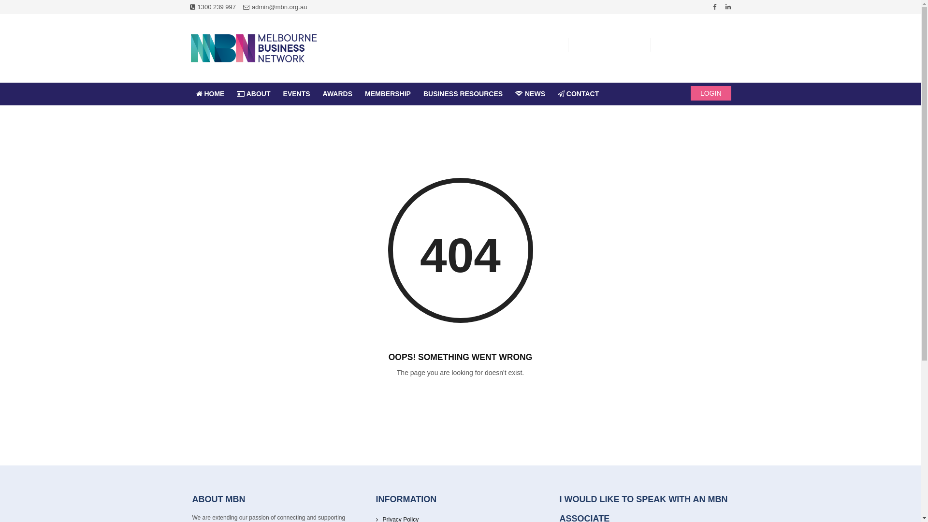 This screenshot has height=522, width=928. What do you see at coordinates (212, 7) in the screenshot?
I see `'1300 239 997'` at bounding box center [212, 7].